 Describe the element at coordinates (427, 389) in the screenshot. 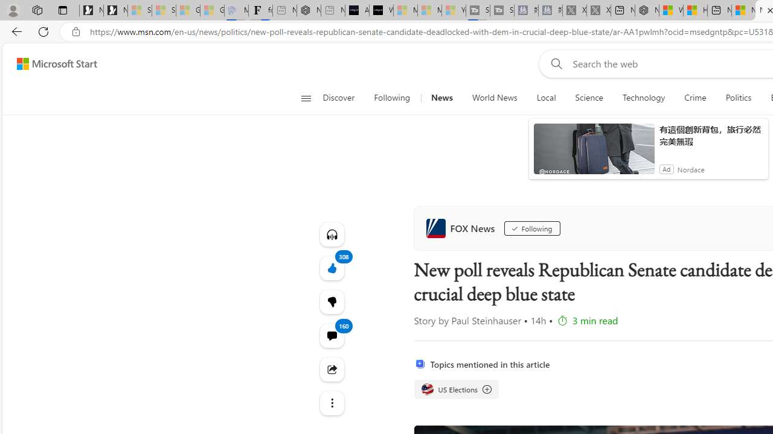

I see `'US Elections'` at that location.